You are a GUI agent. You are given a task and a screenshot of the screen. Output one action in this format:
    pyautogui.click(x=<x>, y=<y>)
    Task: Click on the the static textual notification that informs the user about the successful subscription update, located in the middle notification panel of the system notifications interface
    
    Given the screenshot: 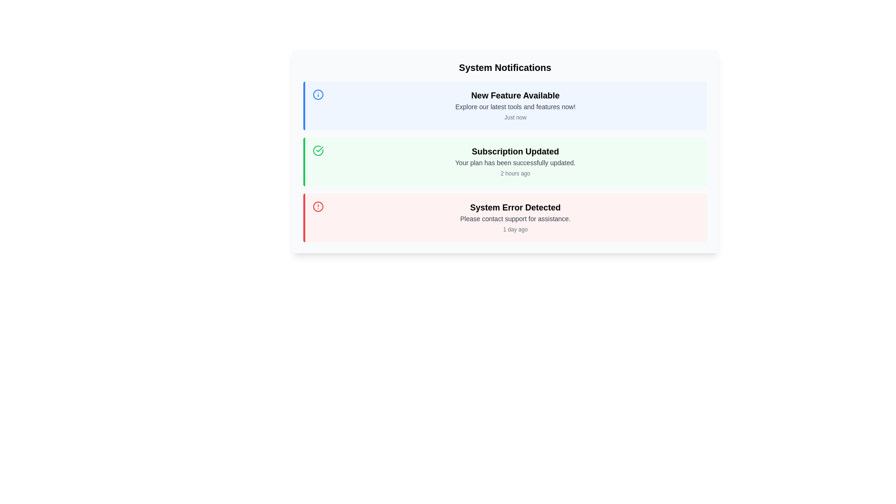 What is the action you would take?
    pyautogui.click(x=515, y=161)
    